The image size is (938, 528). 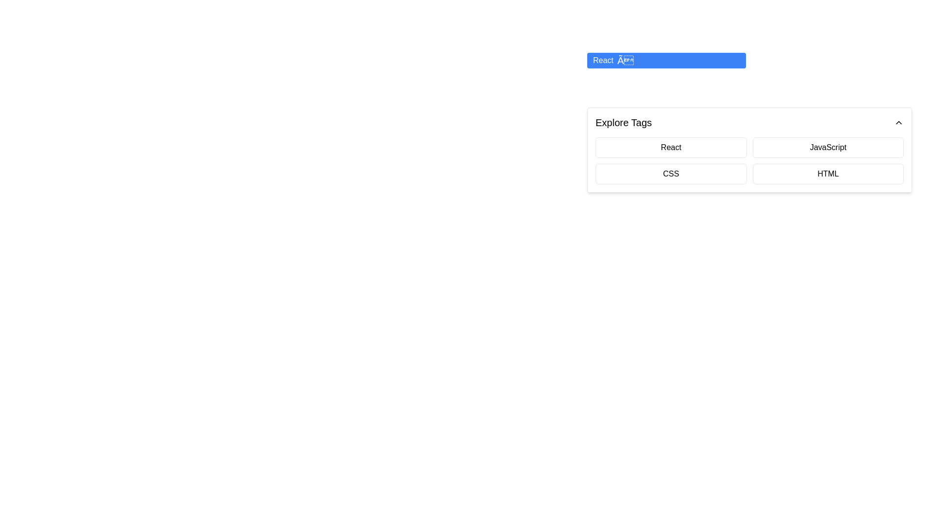 What do you see at coordinates (625, 60) in the screenshot?
I see `the blue close button labeled 'React'` at bounding box center [625, 60].